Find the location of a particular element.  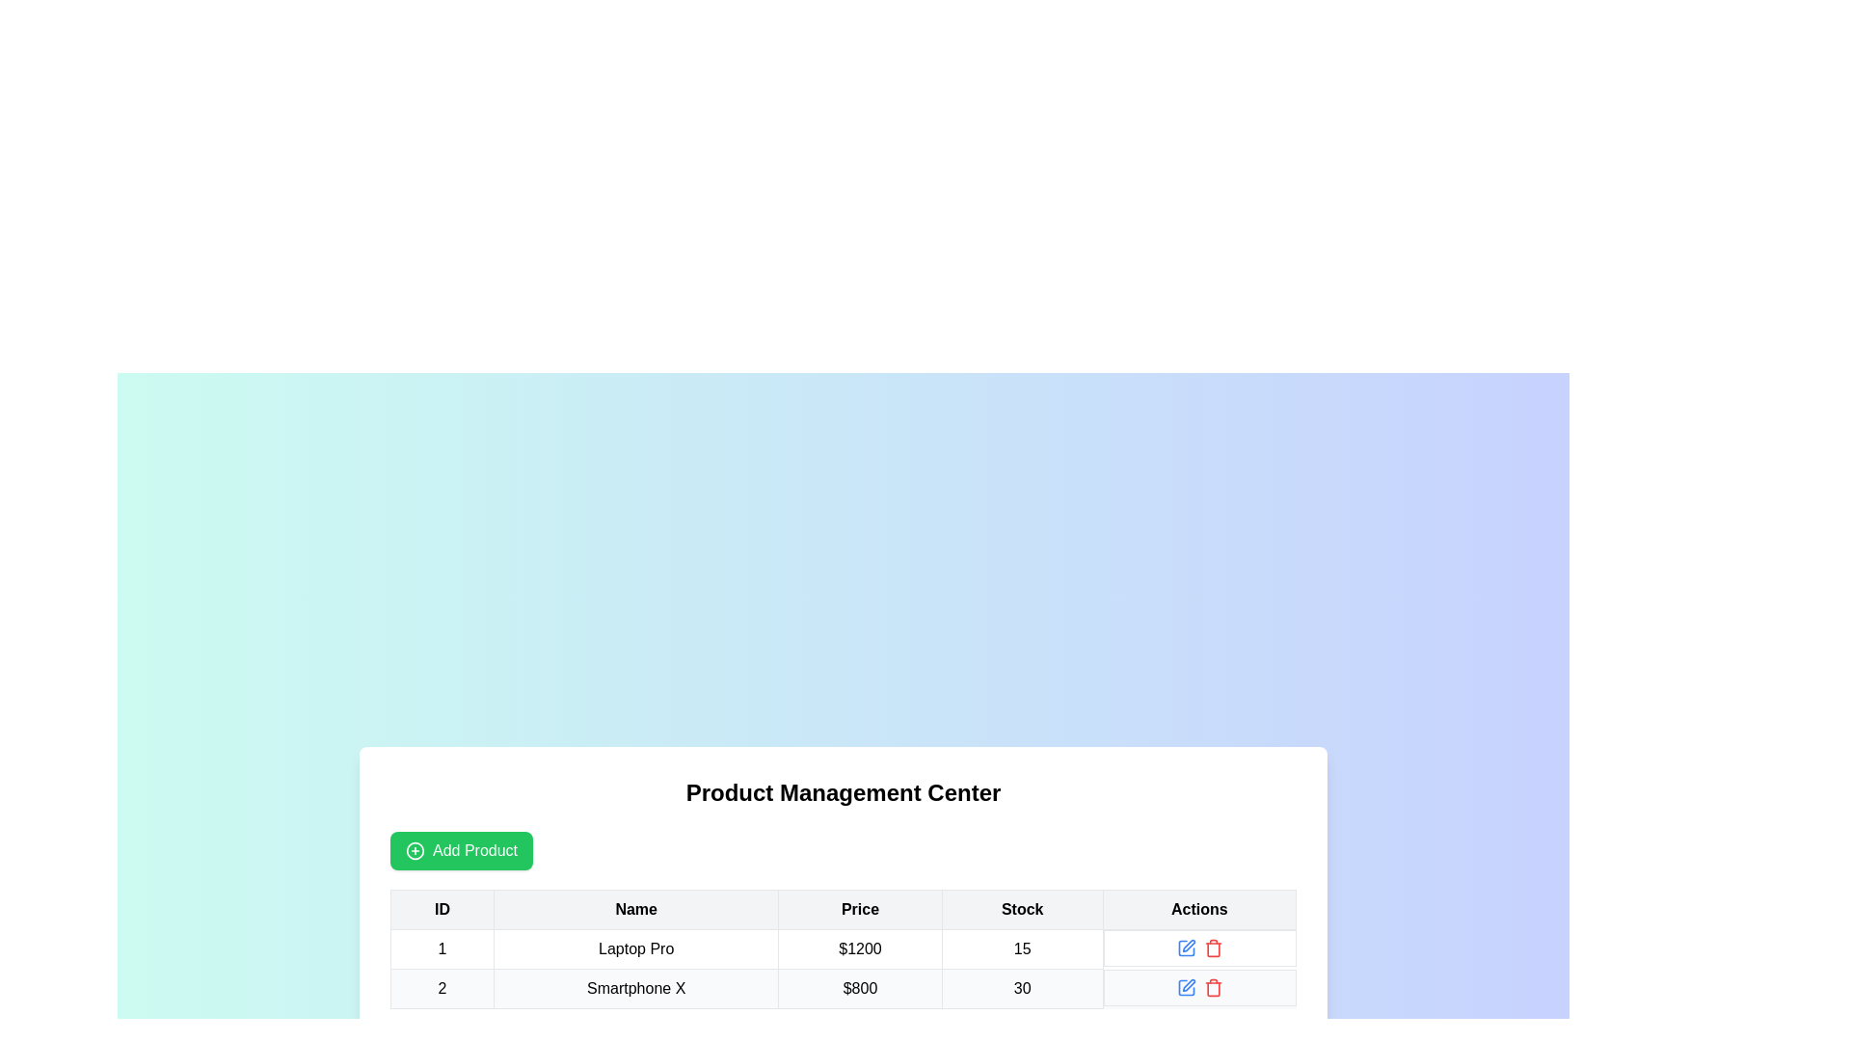

the table cell containing the text '2', which is styled with a border and padding, located in the second row of the table directly below the 'ID' header is located at coordinates (442, 989).